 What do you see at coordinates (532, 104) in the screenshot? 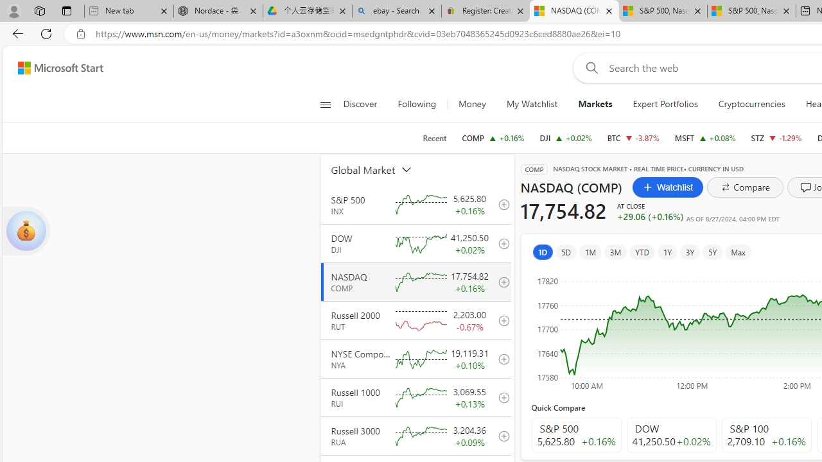
I see `'My Watchlist'` at bounding box center [532, 104].